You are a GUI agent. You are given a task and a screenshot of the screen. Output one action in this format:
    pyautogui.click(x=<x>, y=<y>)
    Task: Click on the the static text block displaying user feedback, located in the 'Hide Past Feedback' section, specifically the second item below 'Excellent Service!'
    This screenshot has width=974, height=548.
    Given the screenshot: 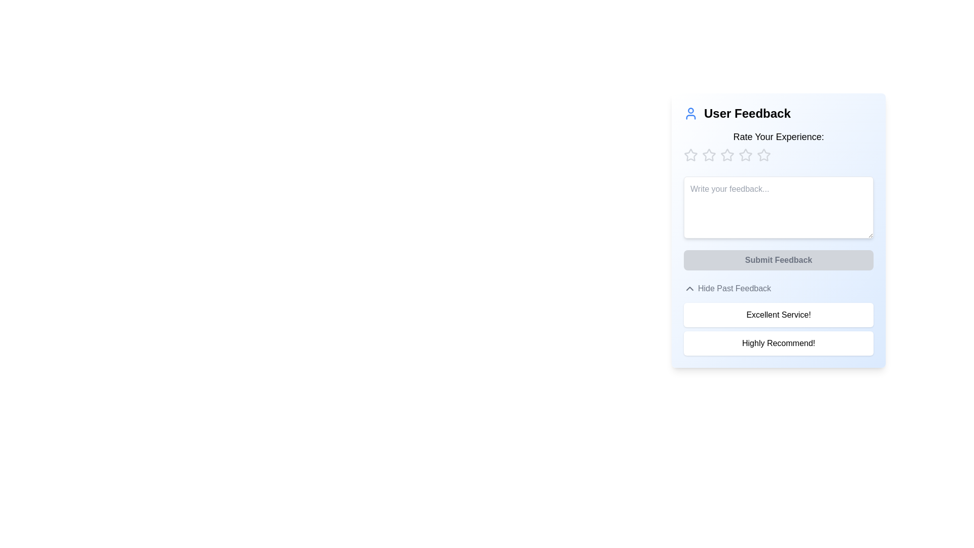 What is the action you would take?
    pyautogui.click(x=778, y=343)
    